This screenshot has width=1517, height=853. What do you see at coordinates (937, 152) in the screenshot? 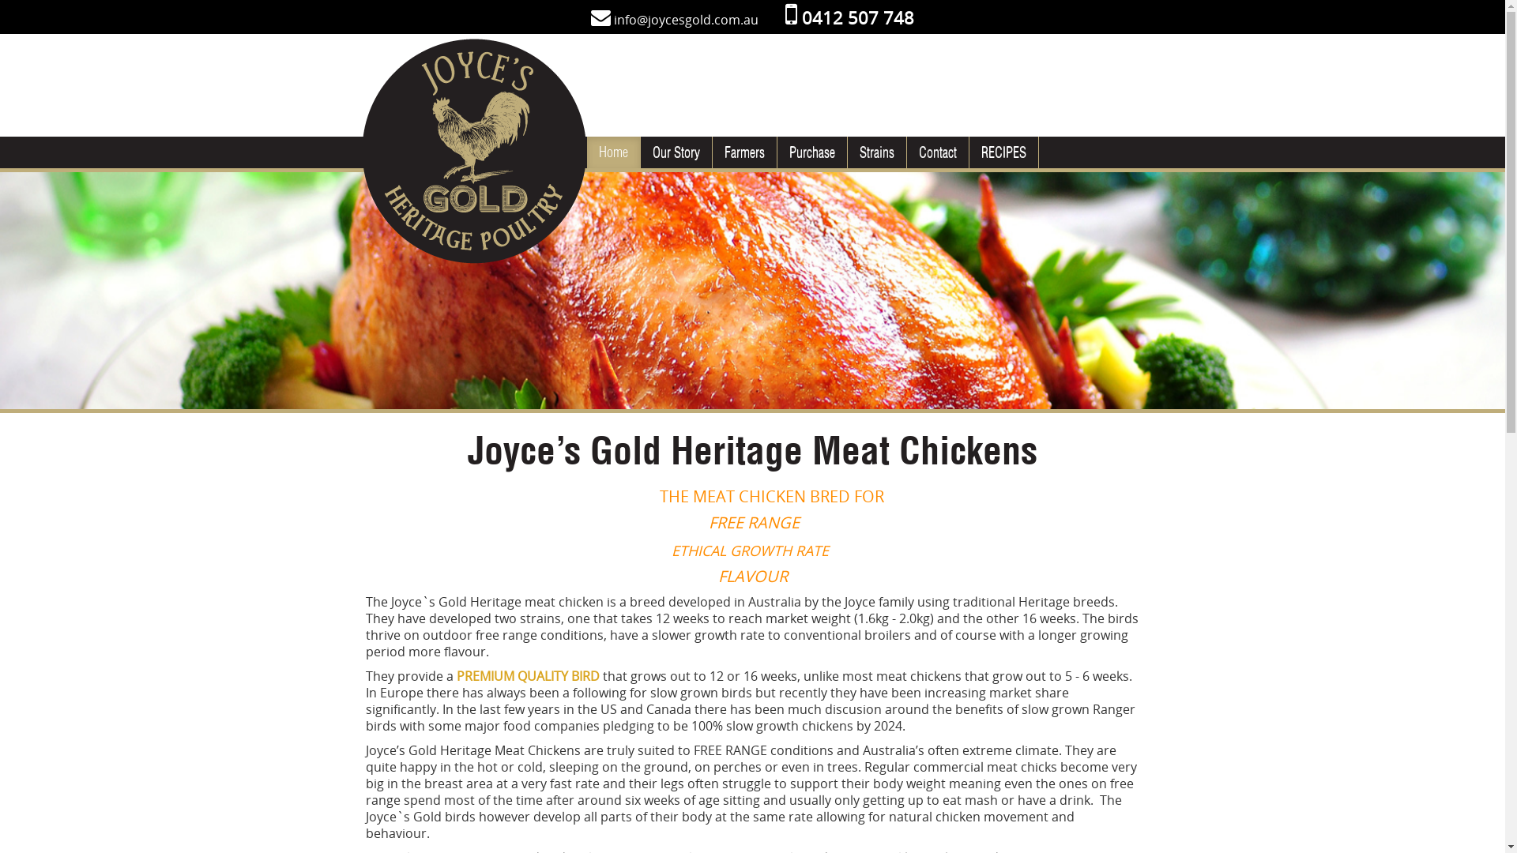
I see `'Contact'` at bounding box center [937, 152].